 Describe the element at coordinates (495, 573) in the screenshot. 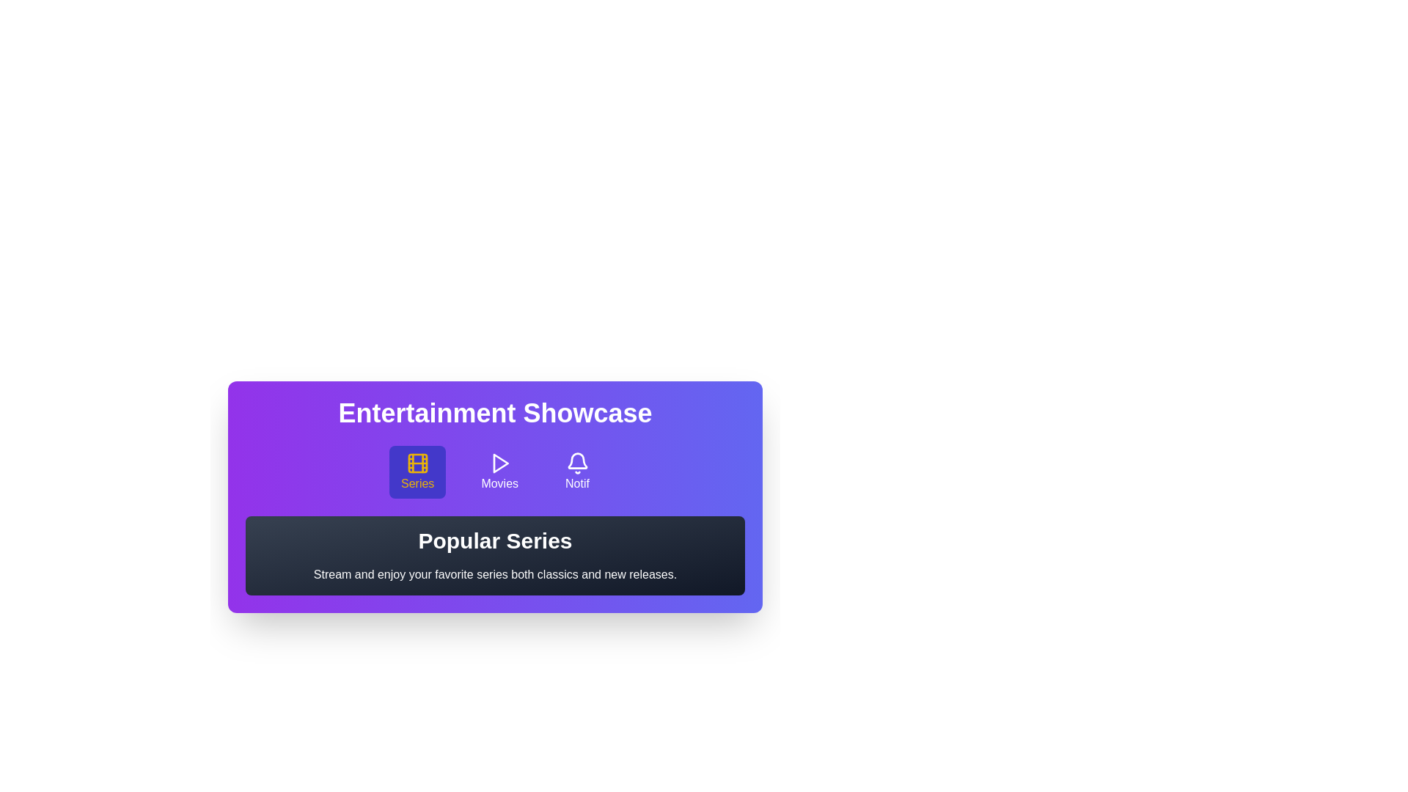

I see `text label providing a description or tagline related to the 'Popular Series' section, located below the 'Popular Series' title in the 'Entertainment Showcase' interface` at that location.